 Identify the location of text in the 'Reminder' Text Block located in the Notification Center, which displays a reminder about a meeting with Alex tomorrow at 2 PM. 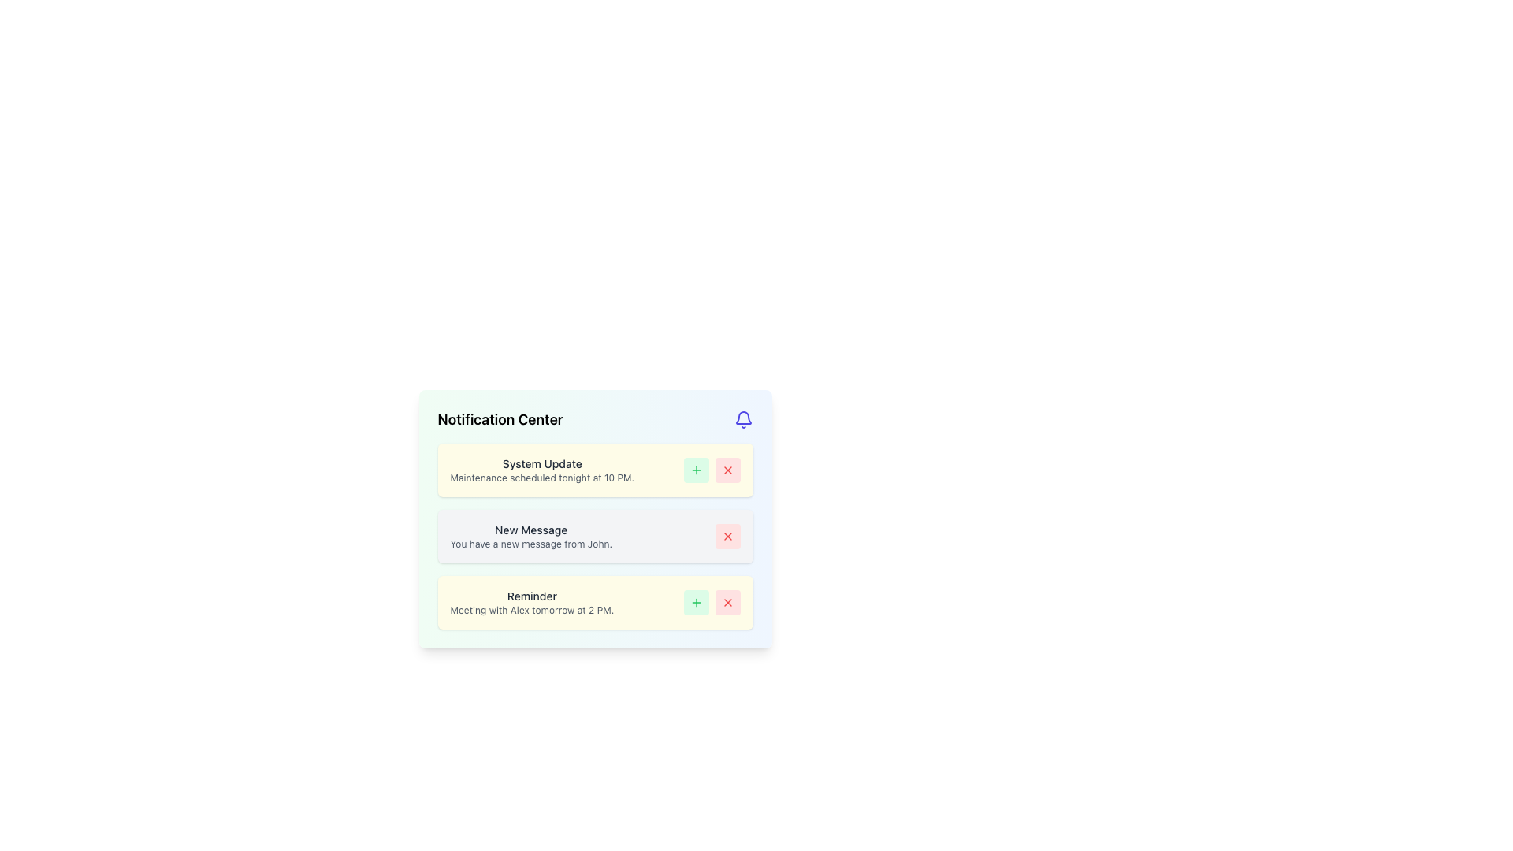
(532, 602).